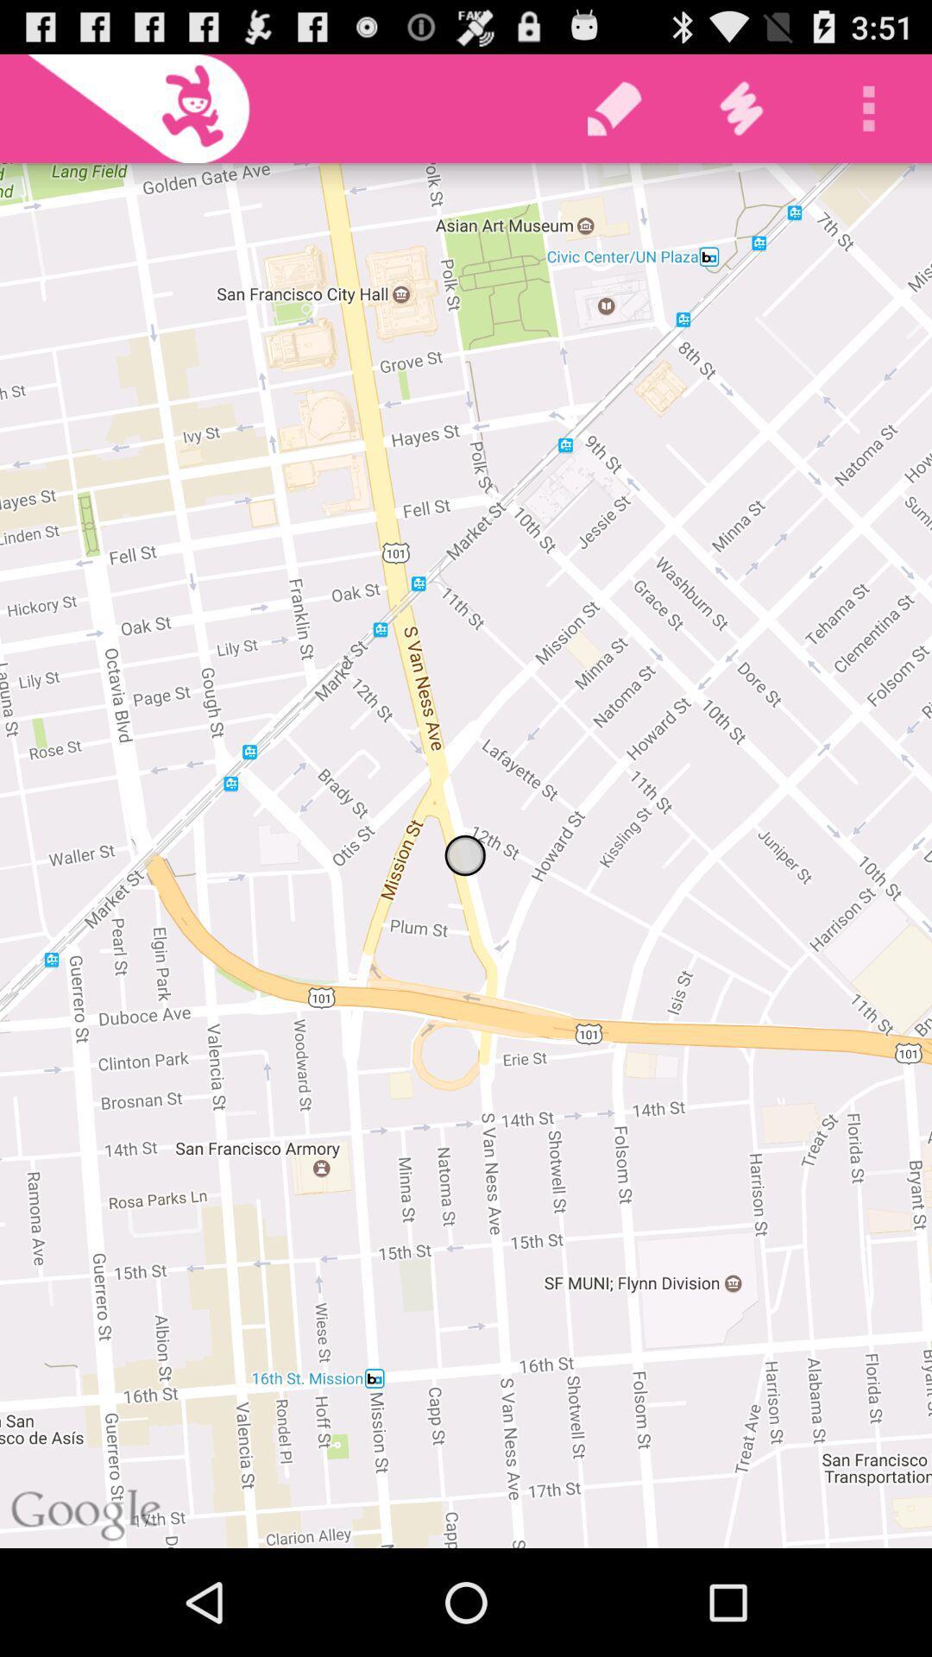 The width and height of the screenshot is (932, 1657). I want to click on the icon at the center, so click(466, 855).